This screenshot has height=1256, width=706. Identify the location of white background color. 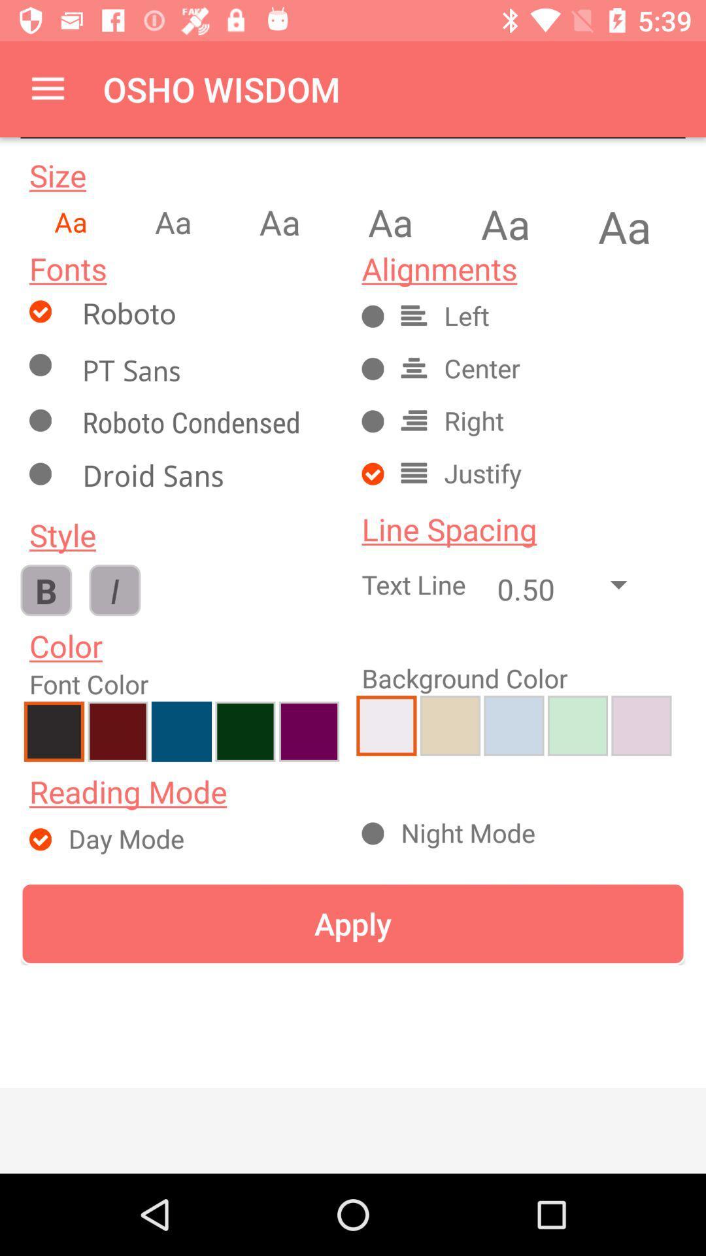
(386, 725).